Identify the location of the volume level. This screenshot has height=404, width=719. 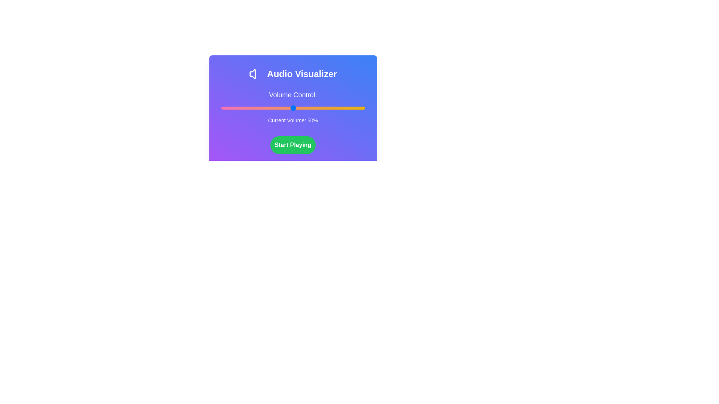
(317, 108).